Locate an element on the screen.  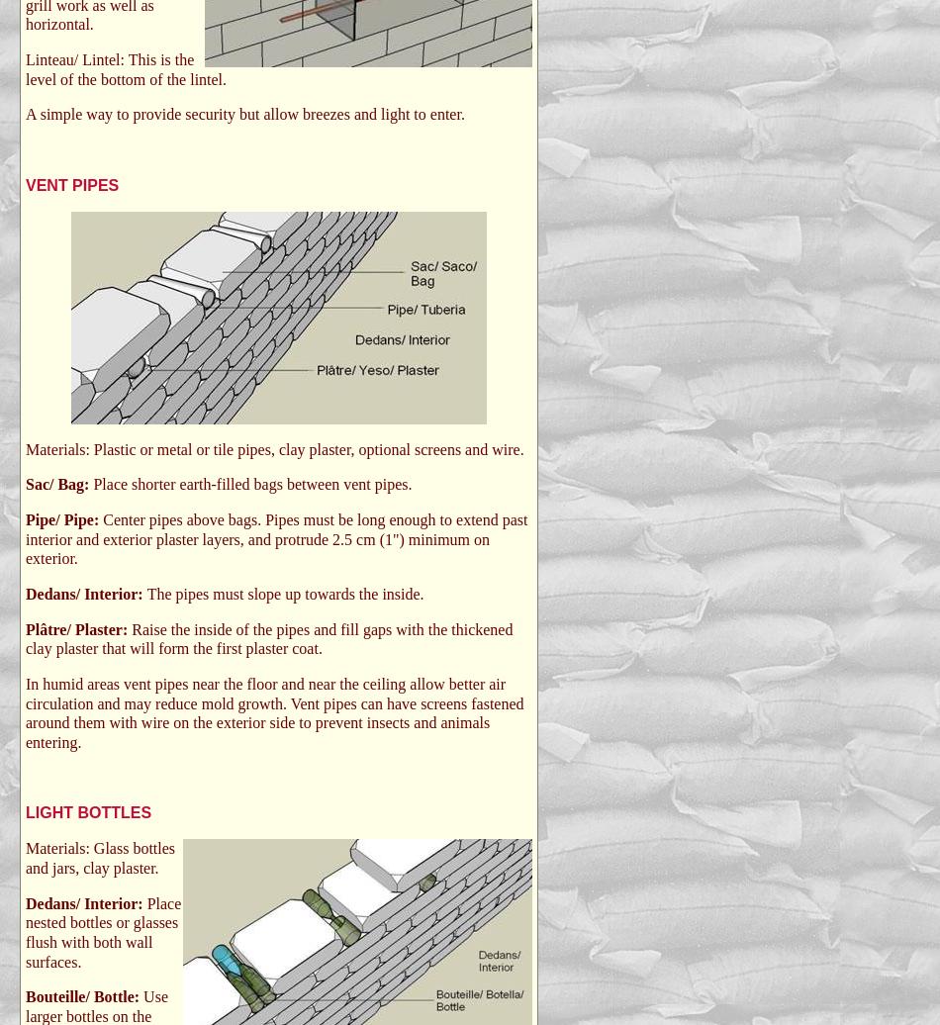
'Linteau/ Lintel: This is the level of the bottom of the lintel.' is located at coordinates (126, 69).